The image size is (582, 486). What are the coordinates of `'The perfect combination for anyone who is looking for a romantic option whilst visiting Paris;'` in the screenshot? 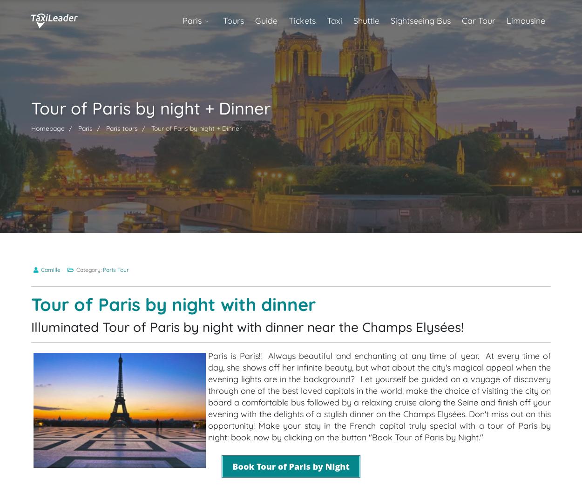 It's located at (223, 36).